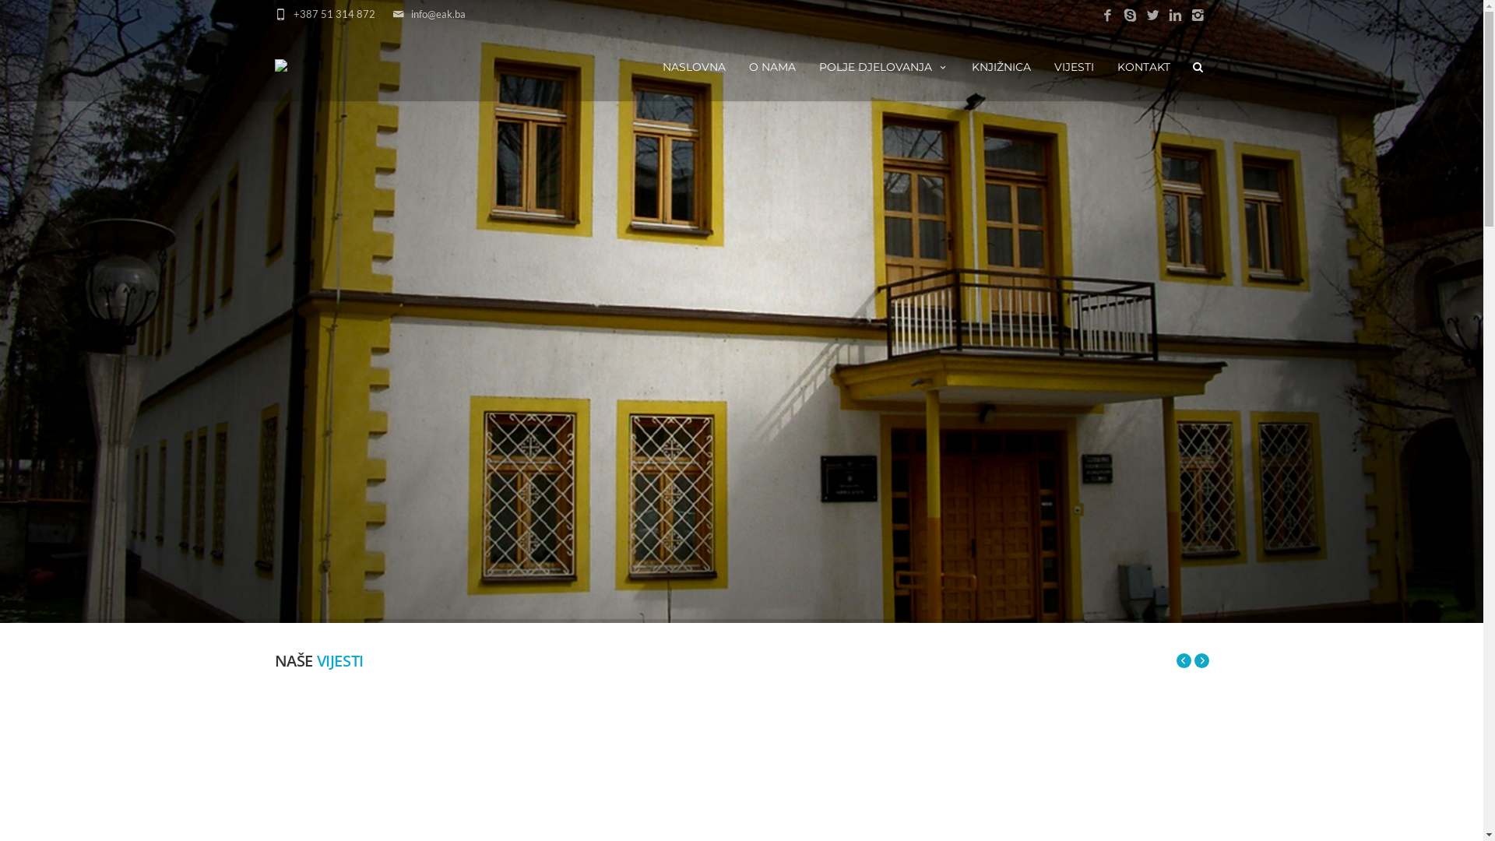 The height and width of the screenshot is (841, 1495). What do you see at coordinates (1143, 65) in the screenshot?
I see `'KONTAKT'` at bounding box center [1143, 65].